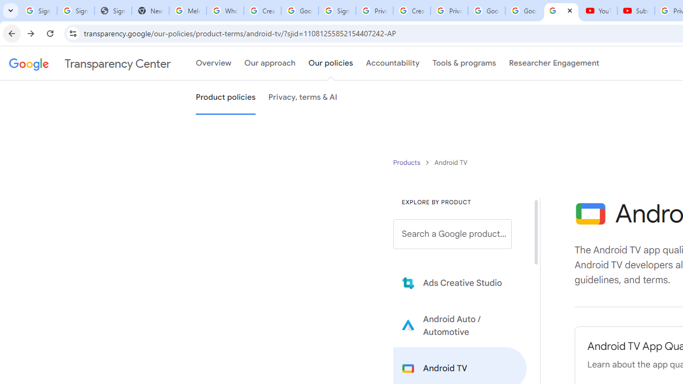 Image resolution: width=683 pixels, height=384 pixels. Describe the element at coordinates (636, 11) in the screenshot. I see `'Subscriptions - YouTube'` at that location.